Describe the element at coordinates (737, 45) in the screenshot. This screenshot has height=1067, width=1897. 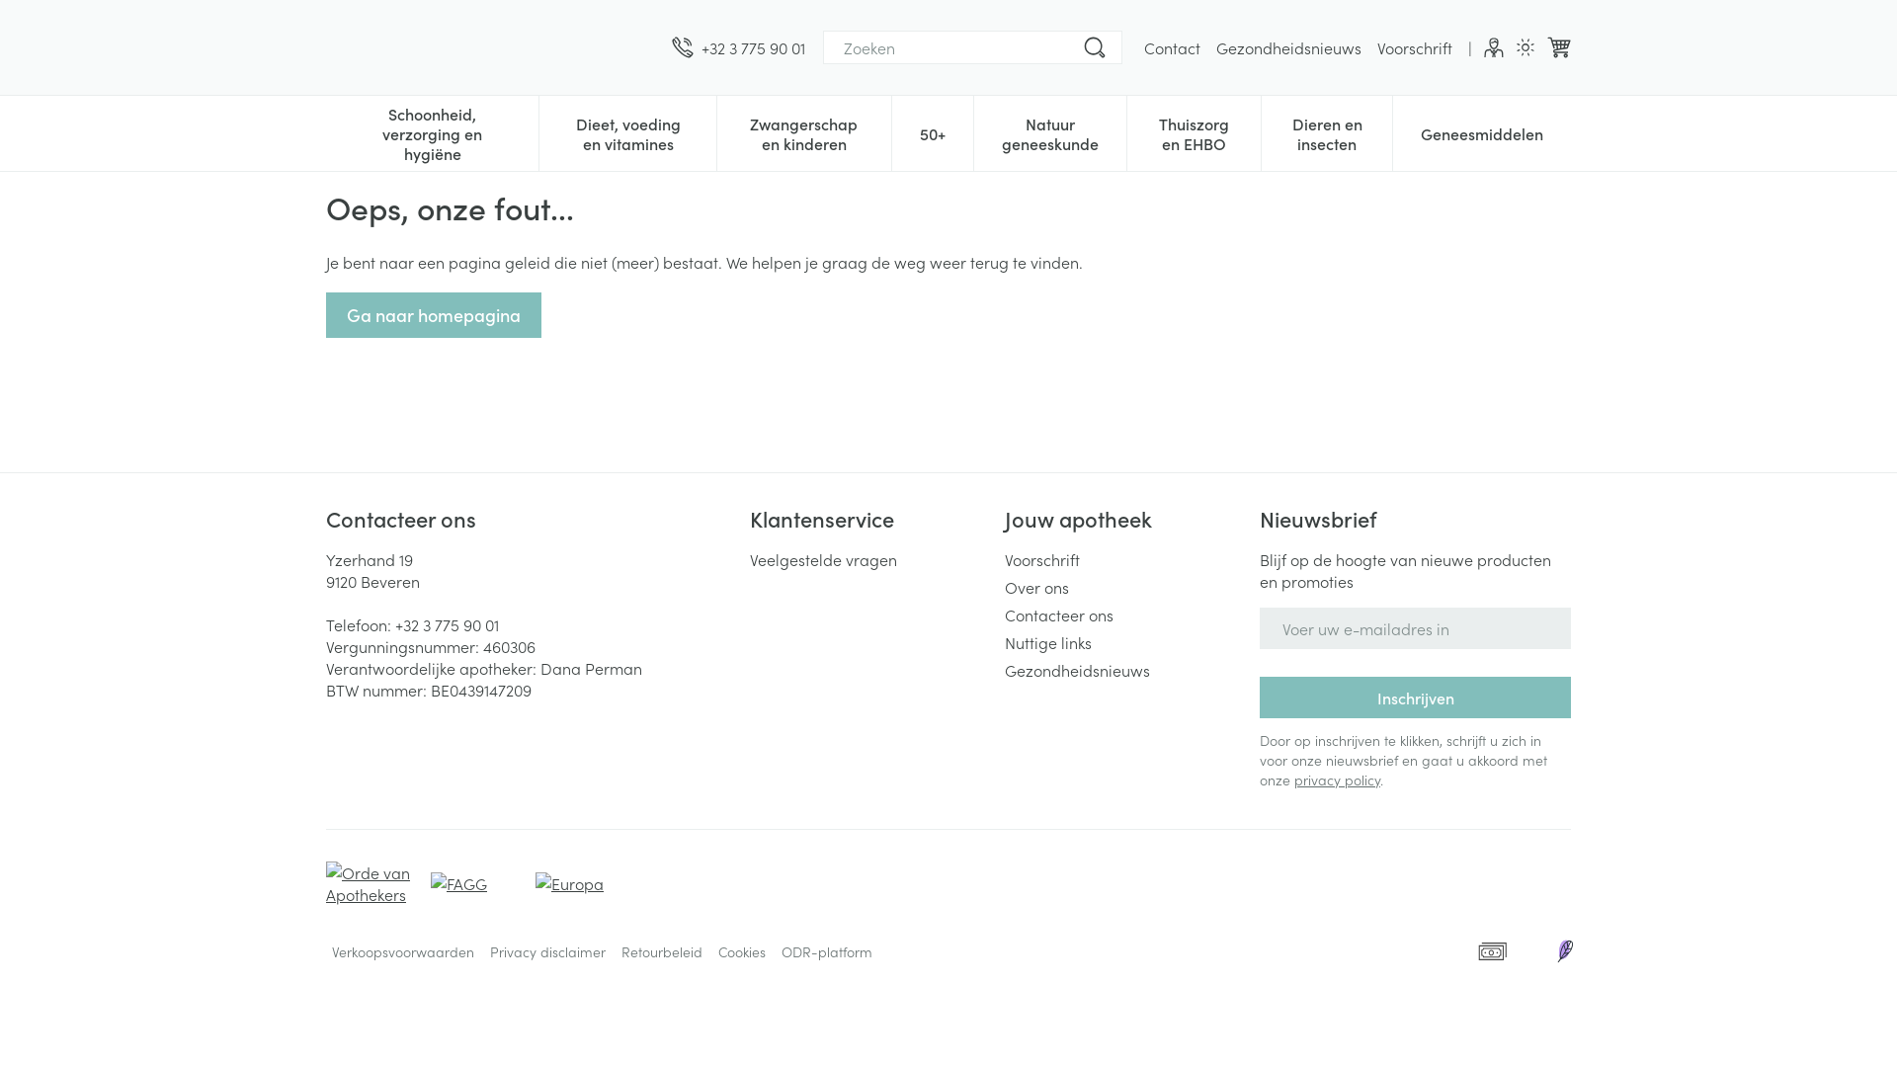
I see `'+32 3 775 90 01'` at that location.